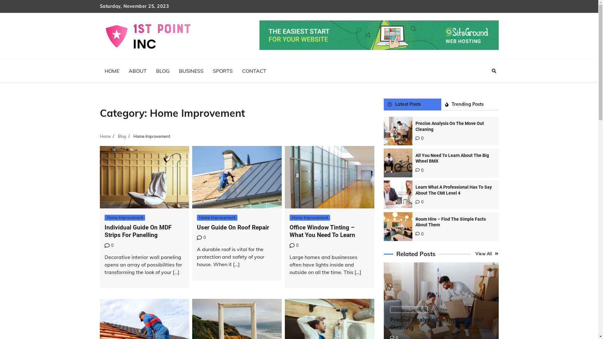  I want to click on 'Individual Guide On MDF Strips For Panelling', so click(104, 231).